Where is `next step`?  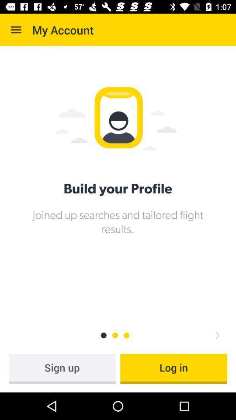 next step is located at coordinates (217, 335).